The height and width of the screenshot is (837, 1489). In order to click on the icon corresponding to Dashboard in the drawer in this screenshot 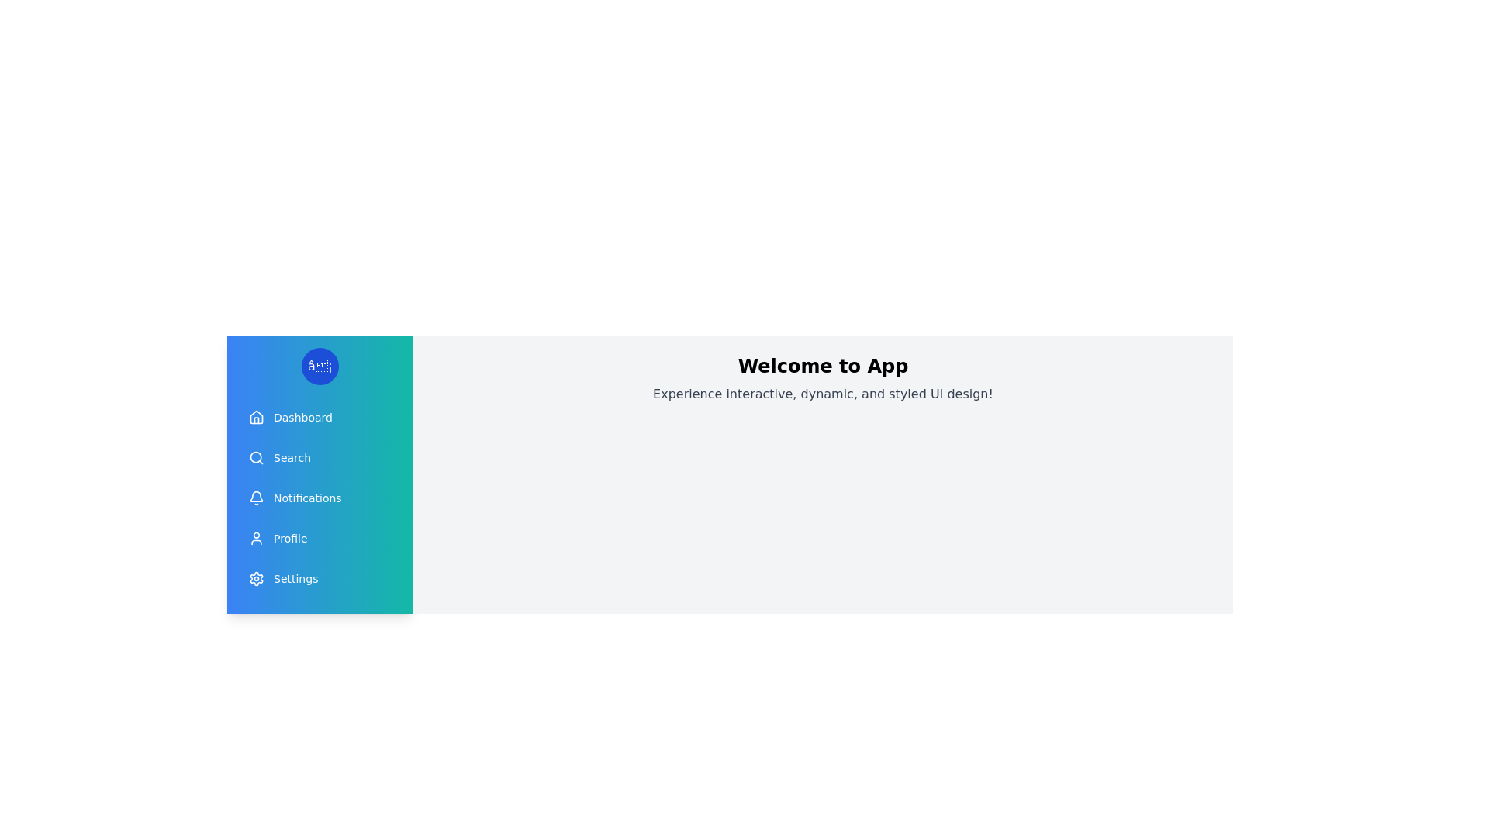, I will do `click(257, 417)`.